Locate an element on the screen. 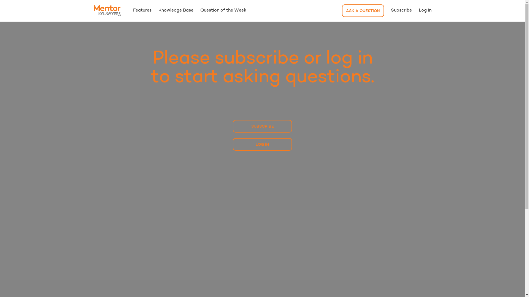 Image resolution: width=529 pixels, height=297 pixels. 'SUBSCRIBE' is located at coordinates (262, 126).